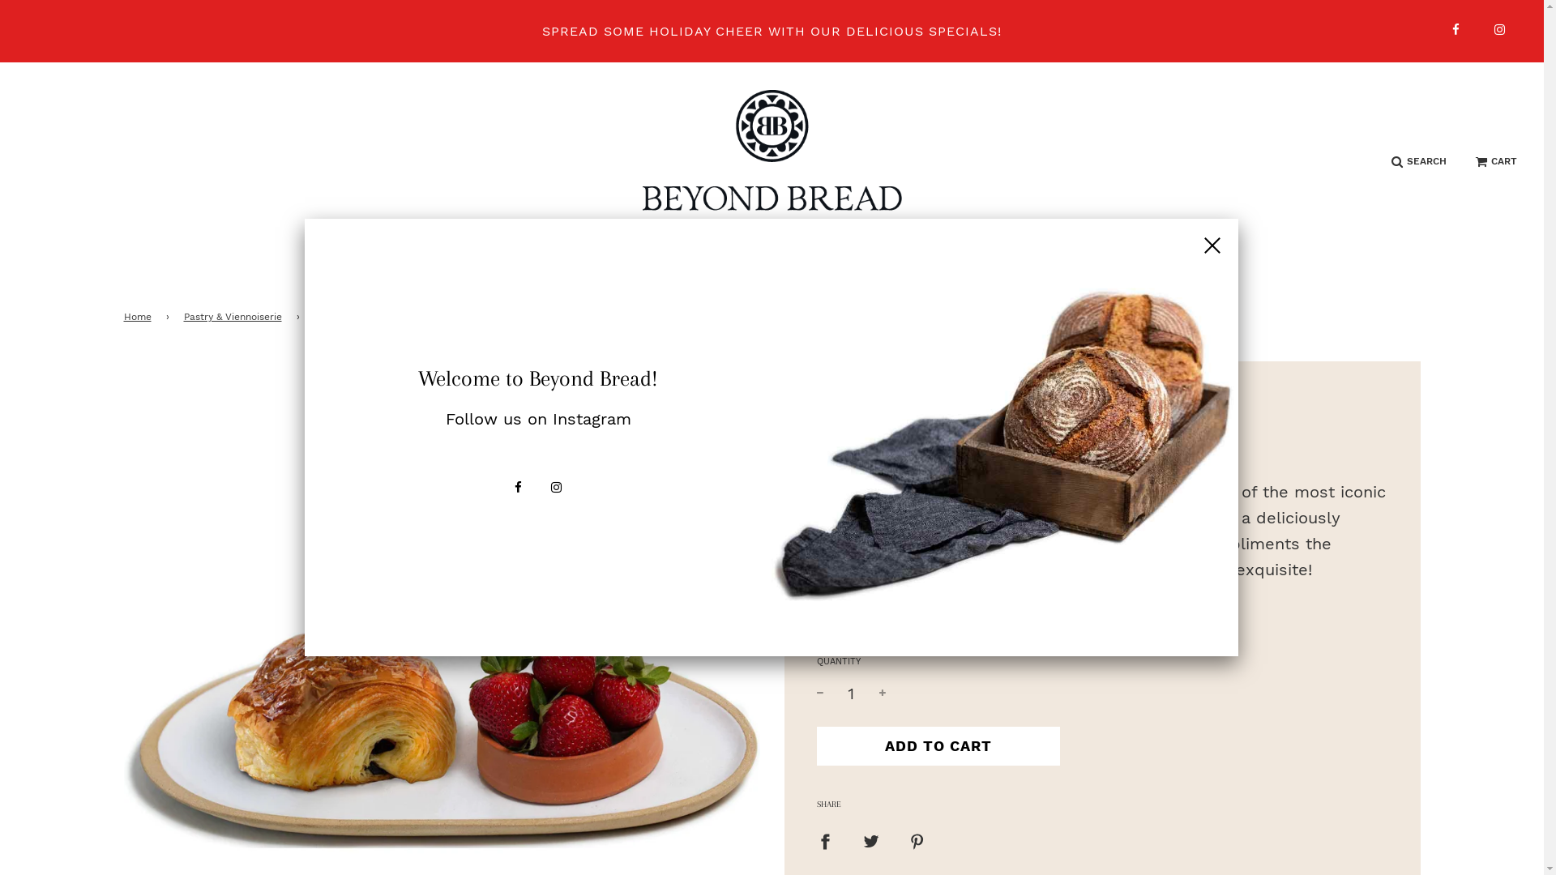 This screenshot has height=875, width=1556. Describe the element at coordinates (233, 317) in the screenshot. I see `'Pastry & Viennoiserie'` at that location.